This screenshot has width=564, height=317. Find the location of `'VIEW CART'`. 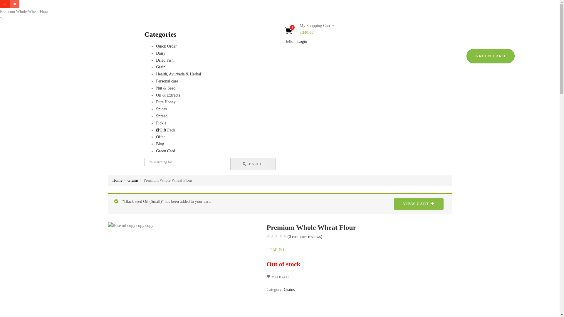

'VIEW CART' is located at coordinates (394, 203).